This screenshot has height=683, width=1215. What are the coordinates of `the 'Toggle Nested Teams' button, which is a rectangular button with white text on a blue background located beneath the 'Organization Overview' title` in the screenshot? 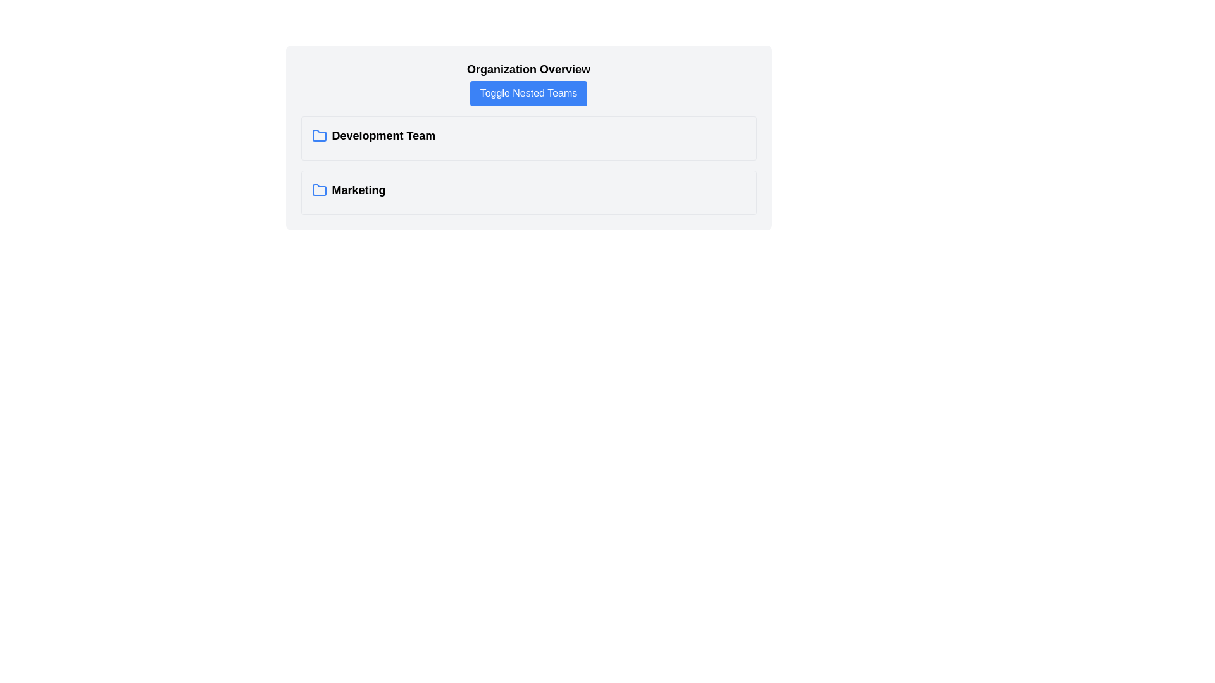 It's located at (528, 92).